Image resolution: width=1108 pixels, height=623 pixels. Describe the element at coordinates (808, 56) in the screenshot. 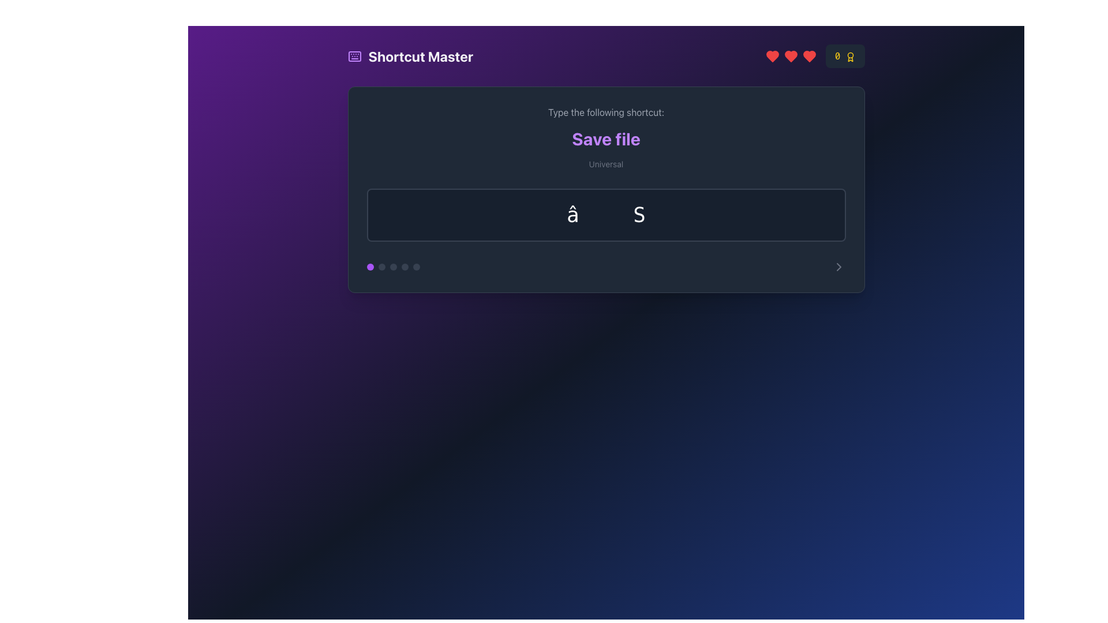

I see `the red heart-shaped icon located in the top-right corner of the interface, which is the third heart in the series from the left` at that location.